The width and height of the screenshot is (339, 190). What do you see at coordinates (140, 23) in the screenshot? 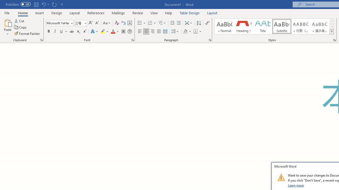
I see `'Bullets'` at bounding box center [140, 23].